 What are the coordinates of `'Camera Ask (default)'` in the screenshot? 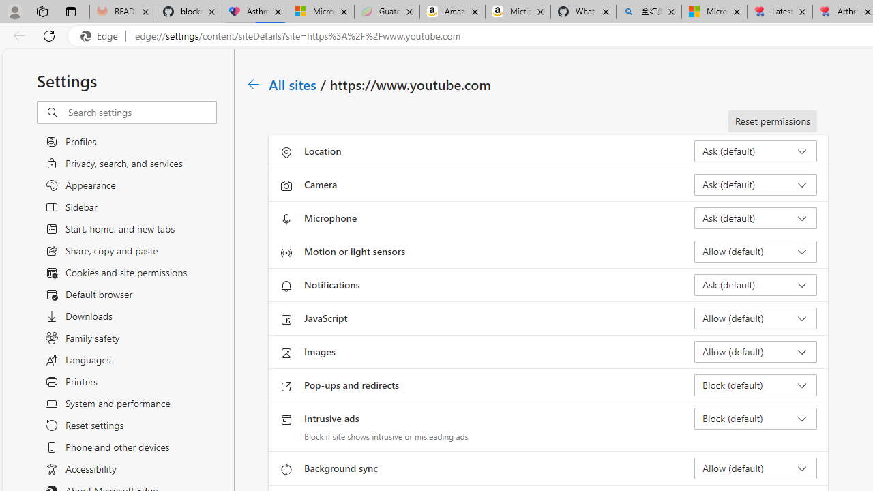 It's located at (754, 185).